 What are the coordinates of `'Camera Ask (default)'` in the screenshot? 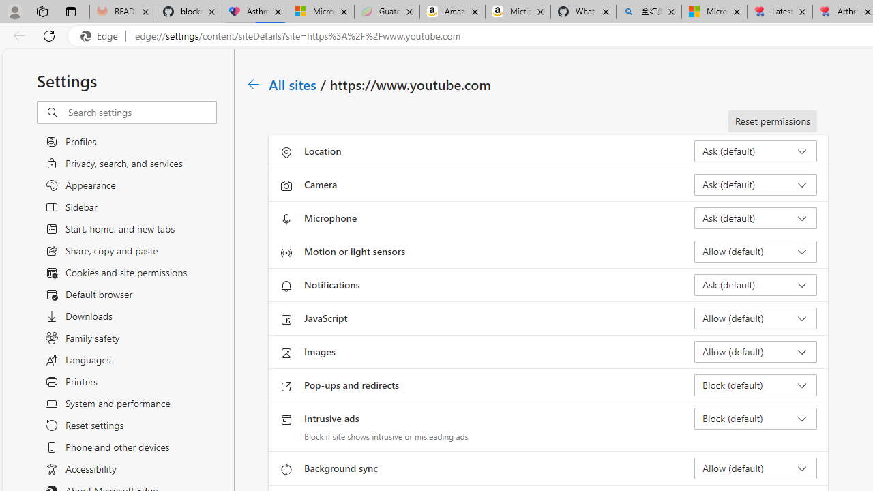 It's located at (754, 185).